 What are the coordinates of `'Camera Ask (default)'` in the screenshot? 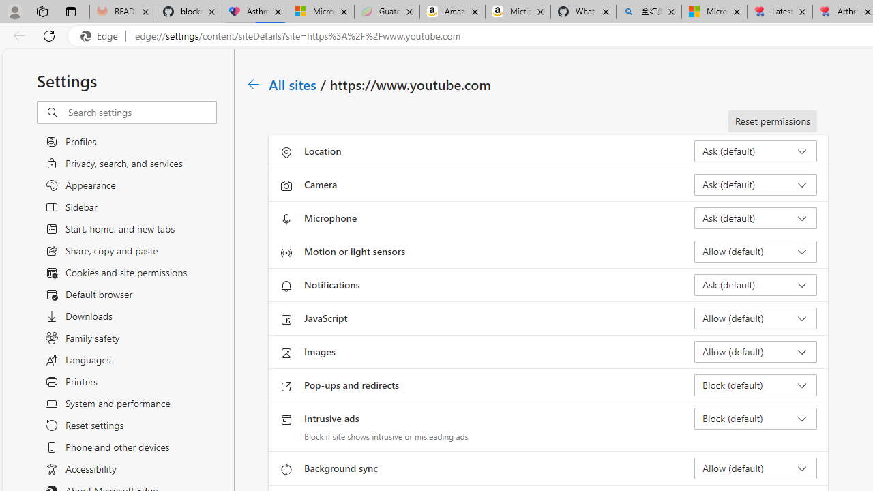 It's located at (754, 185).